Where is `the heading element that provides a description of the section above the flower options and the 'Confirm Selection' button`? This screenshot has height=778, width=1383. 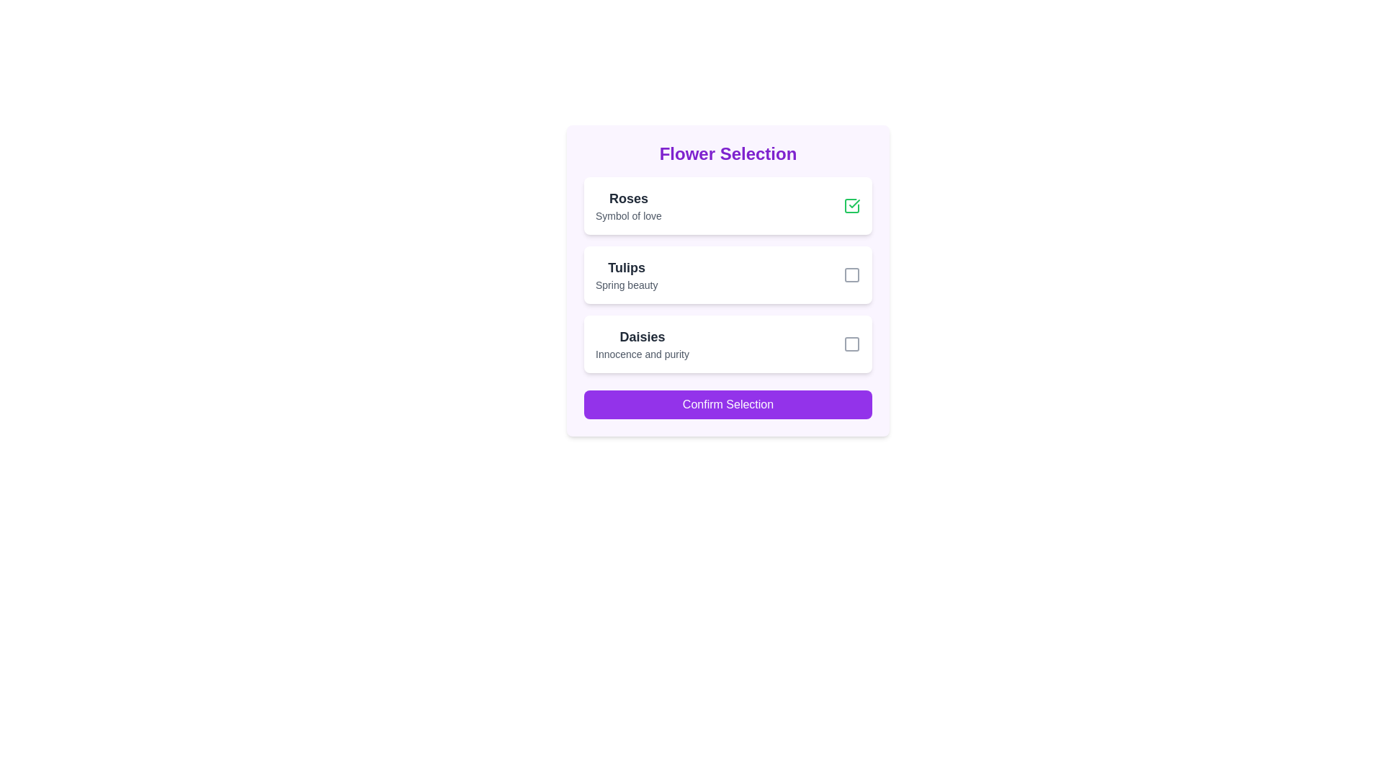
the heading element that provides a description of the section above the flower options and the 'Confirm Selection' button is located at coordinates (728, 153).